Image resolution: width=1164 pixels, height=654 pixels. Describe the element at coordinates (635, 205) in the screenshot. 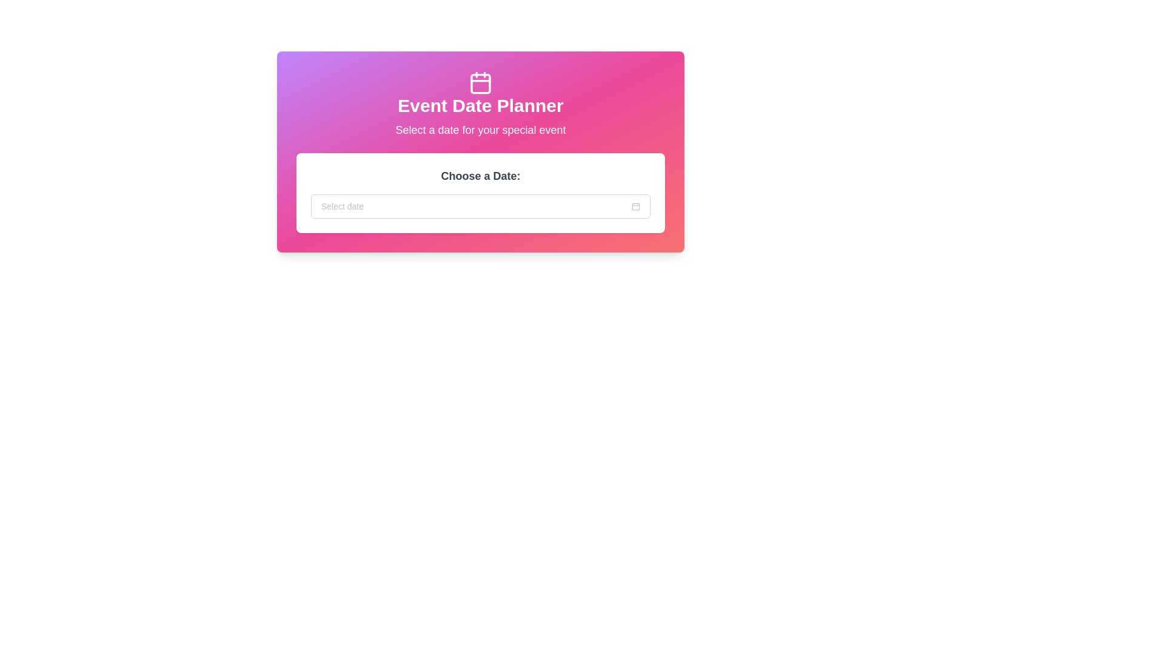

I see `the date-picker icon located at the top-right of the input field's white box to emphasize its visual presence` at that location.